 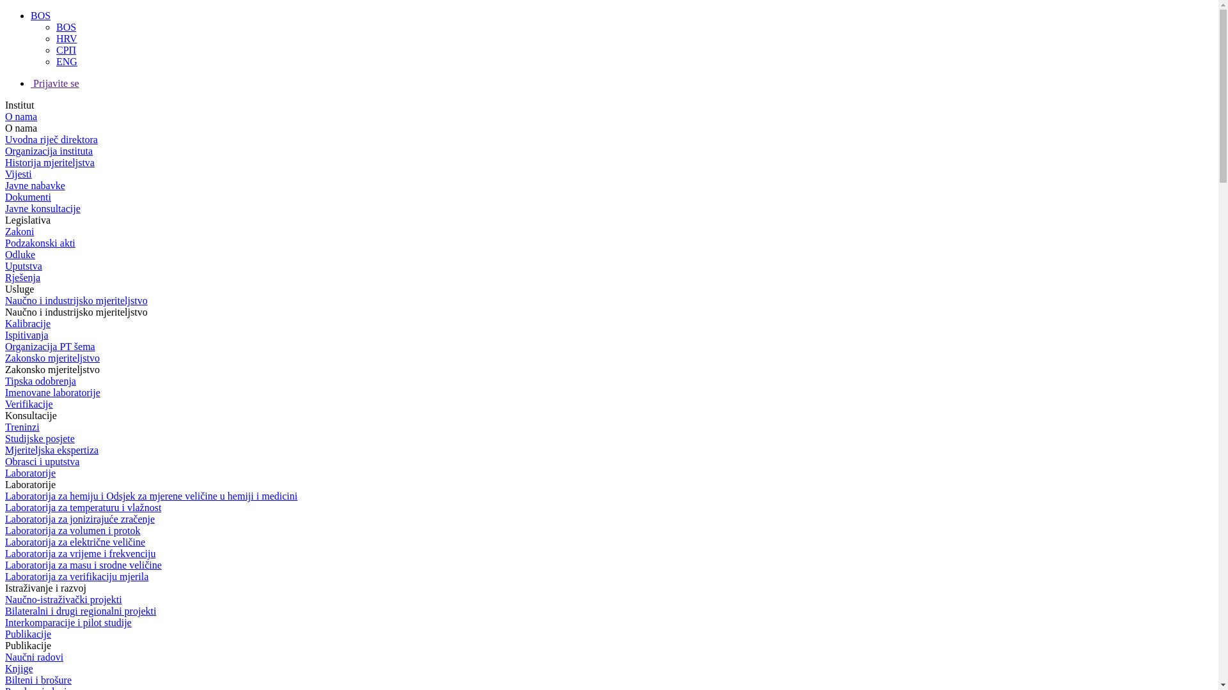 What do you see at coordinates (22, 427) in the screenshot?
I see `'Treninzi'` at bounding box center [22, 427].